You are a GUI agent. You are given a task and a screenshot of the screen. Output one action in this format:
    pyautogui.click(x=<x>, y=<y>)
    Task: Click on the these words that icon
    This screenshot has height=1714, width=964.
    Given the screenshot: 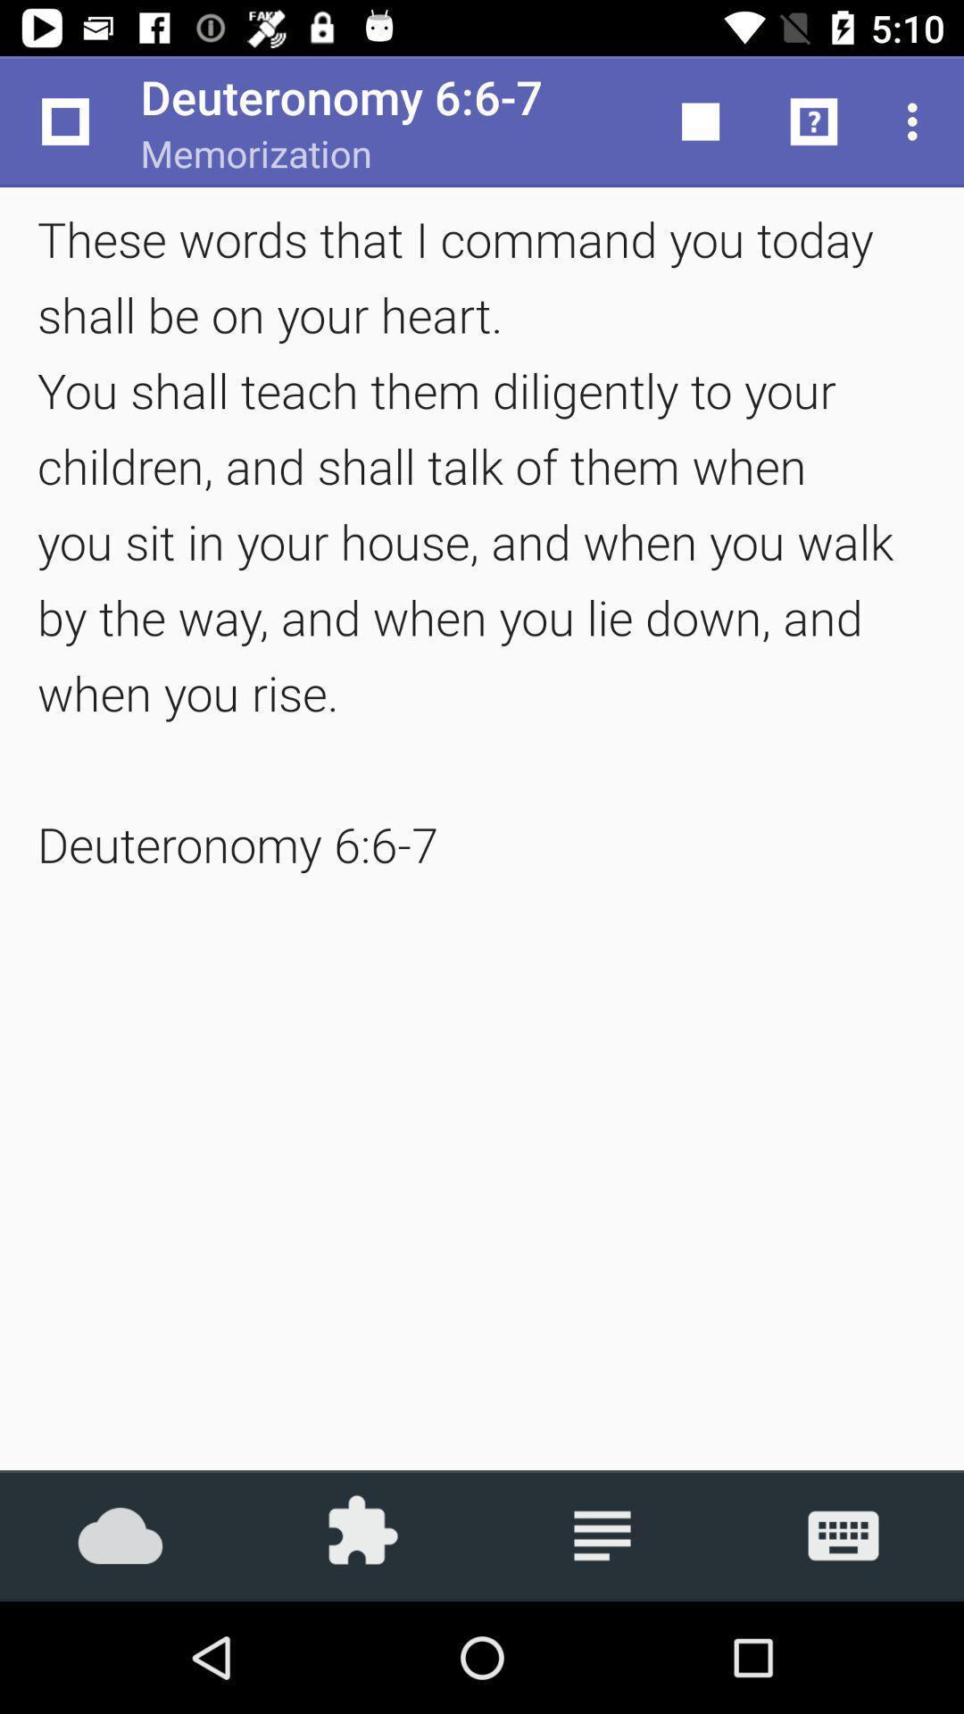 What is the action you would take?
    pyautogui.click(x=482, y=540)
    